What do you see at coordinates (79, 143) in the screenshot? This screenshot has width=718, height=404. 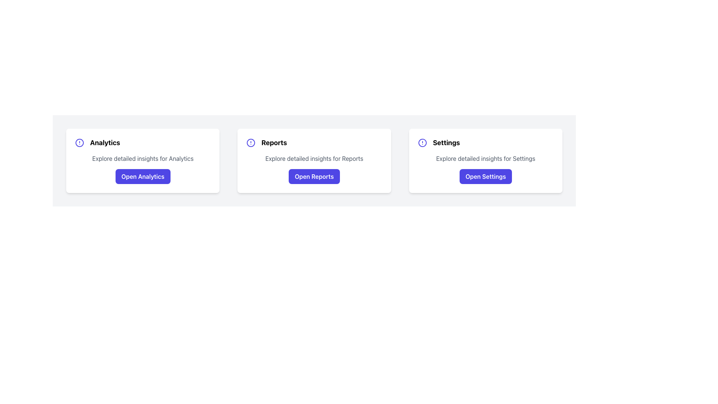 I see `the indigo circular icon with fine-line graphics located to the left of the 'Analytics' title text to interact with it if enabled` at bounding box center [79, 143].